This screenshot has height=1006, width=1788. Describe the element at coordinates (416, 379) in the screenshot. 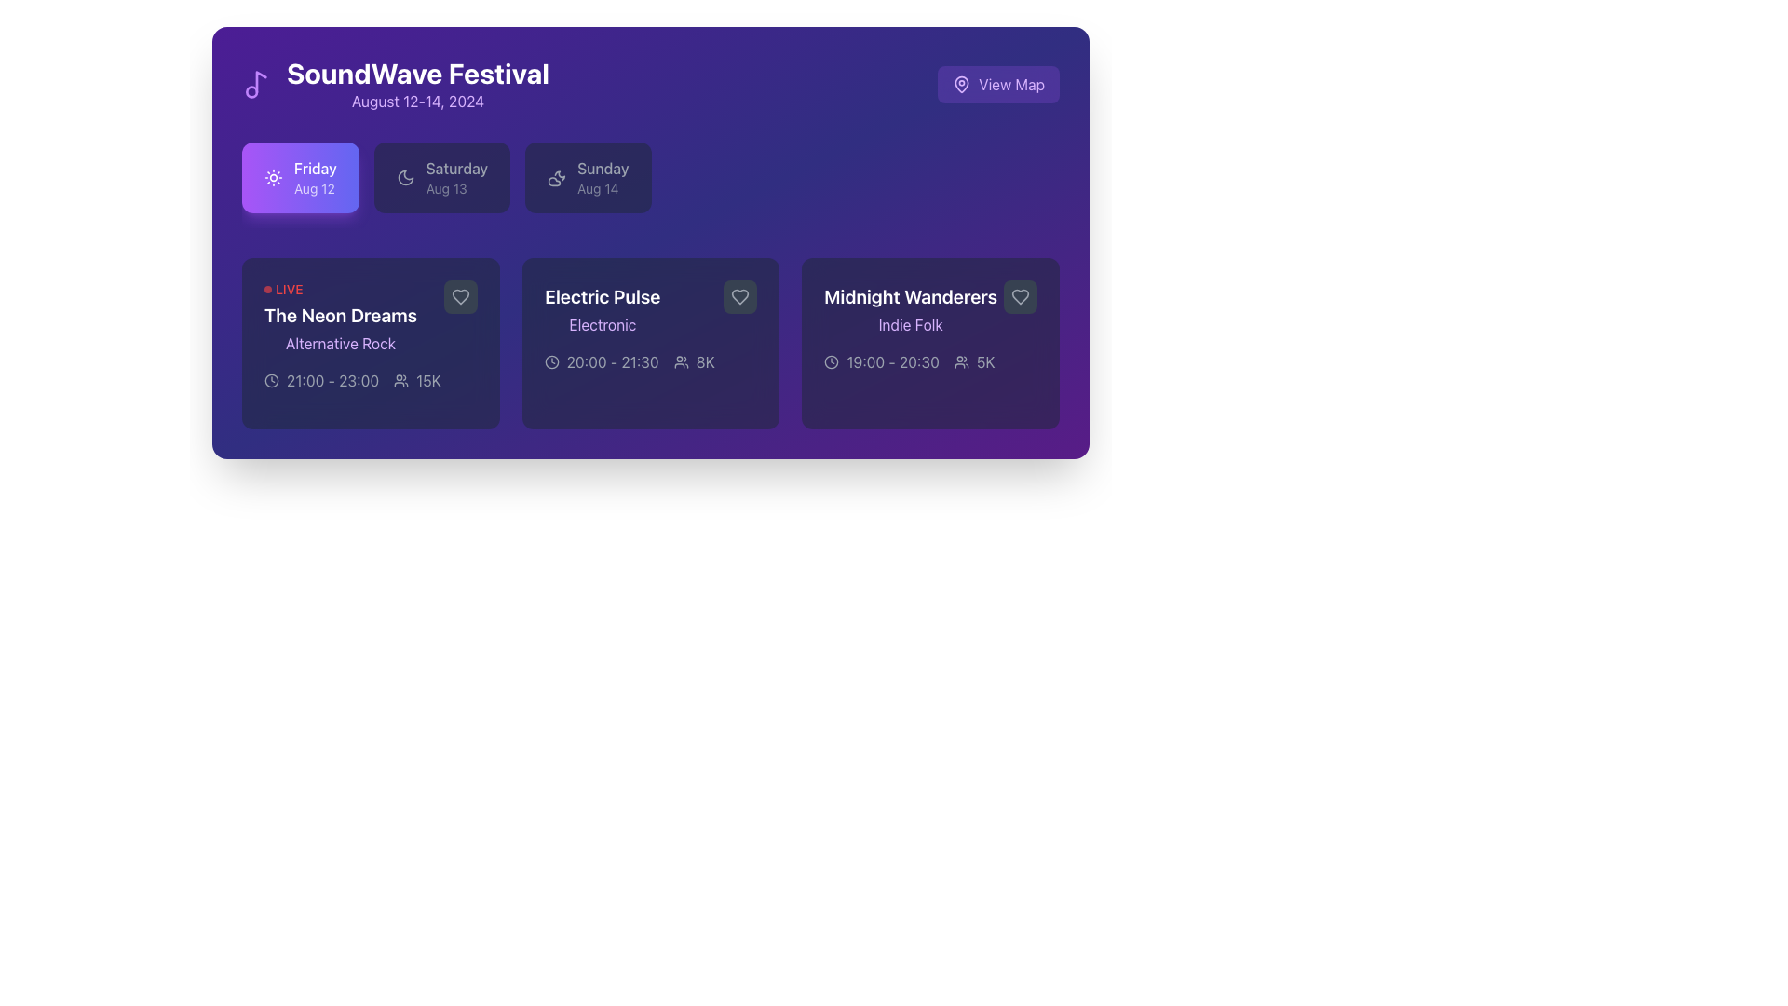

I see `the non-interactive label displaying '15K' with a user icon, located in the third column of the event card below the title 'The Neon Dreams'` at that location.